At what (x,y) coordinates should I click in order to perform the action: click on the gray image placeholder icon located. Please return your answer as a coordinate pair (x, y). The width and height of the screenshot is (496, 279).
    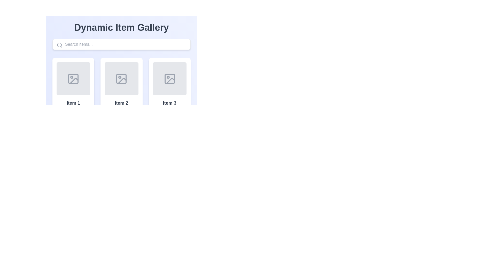
    Looking at the image, I should click on (121, 79).